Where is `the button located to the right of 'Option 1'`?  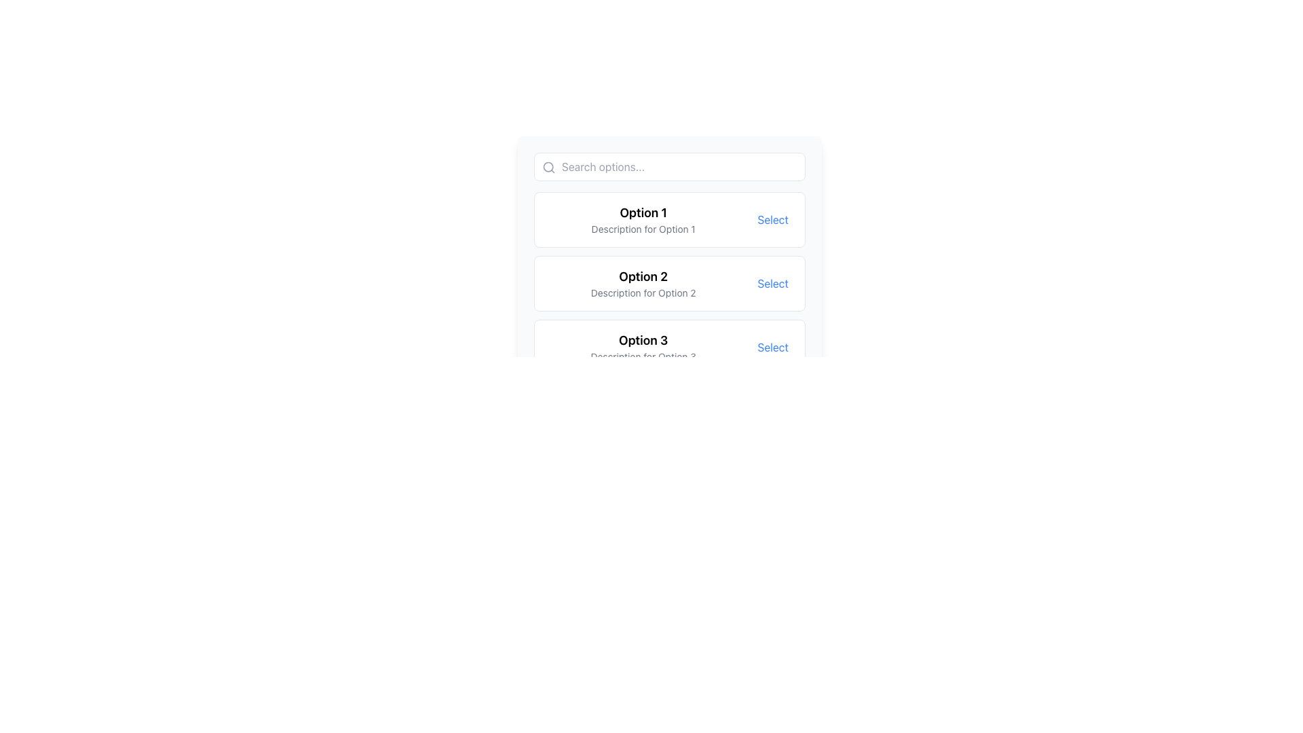
the button located to the right of 'Option 1' is located at coordinates (773, 219).